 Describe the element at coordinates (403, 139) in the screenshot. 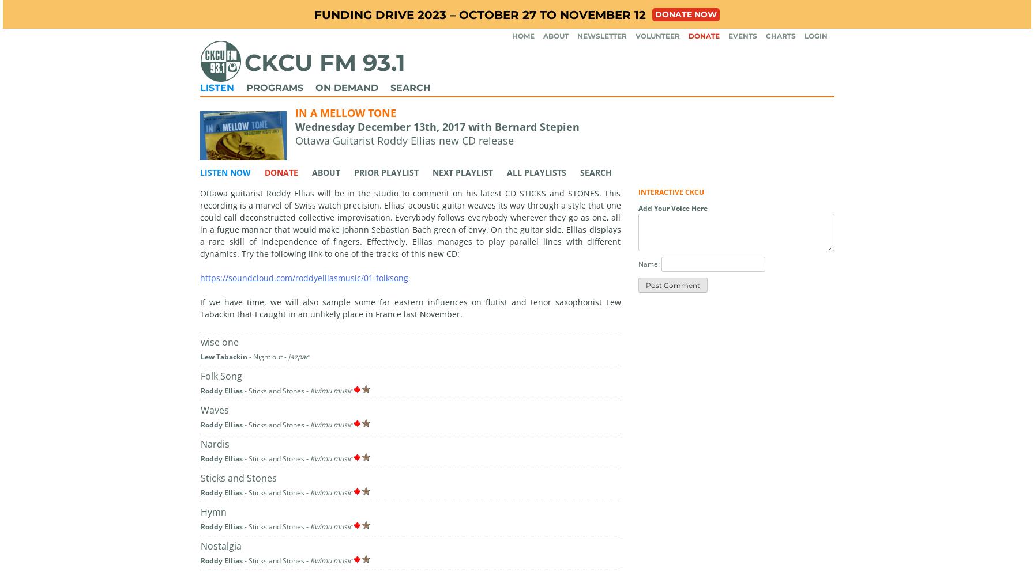

I see `'Ottawa Guitarist Roddy Ellias new CD release'` at that location.